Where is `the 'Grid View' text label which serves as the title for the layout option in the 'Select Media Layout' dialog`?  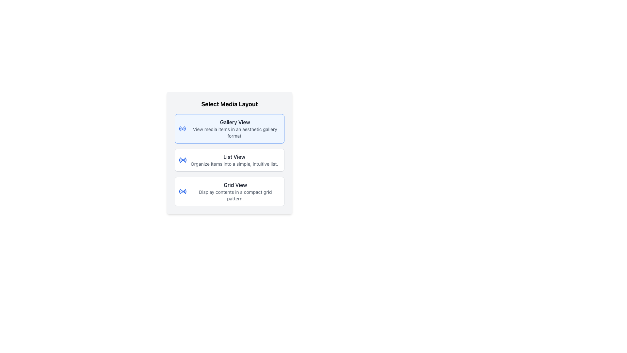 the 'Grid View' text label which serves as the title for the layout option in the 'Select Media Layout' dialog is located at coordinates (235, 185).